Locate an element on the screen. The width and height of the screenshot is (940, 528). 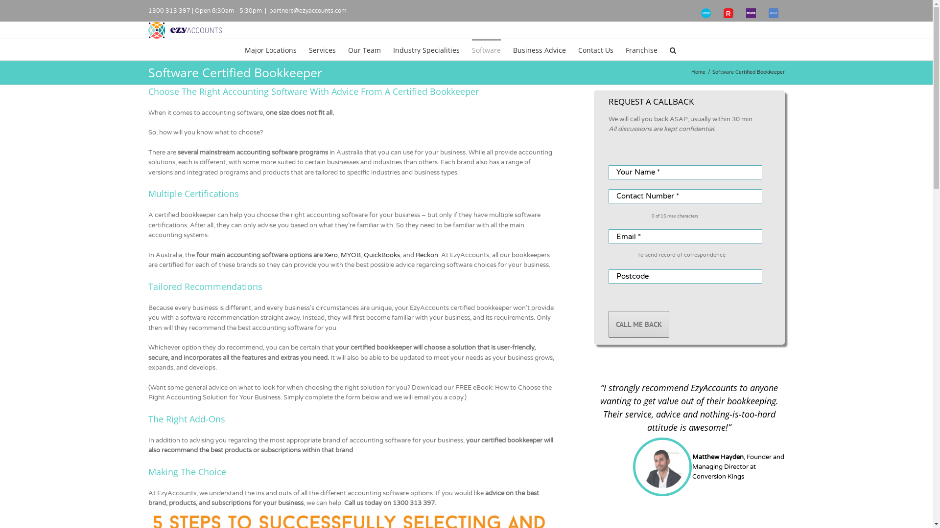
'Reckon' is located at coordinates (415, 254).